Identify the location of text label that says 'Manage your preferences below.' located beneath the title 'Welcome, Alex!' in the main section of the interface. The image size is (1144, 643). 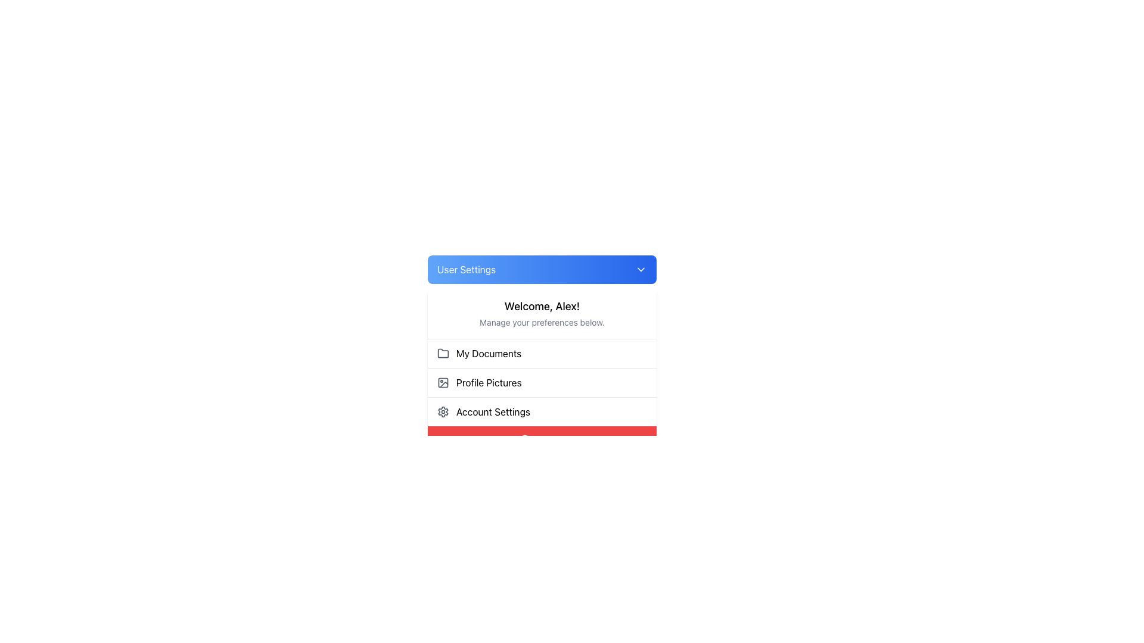
(542, 322).